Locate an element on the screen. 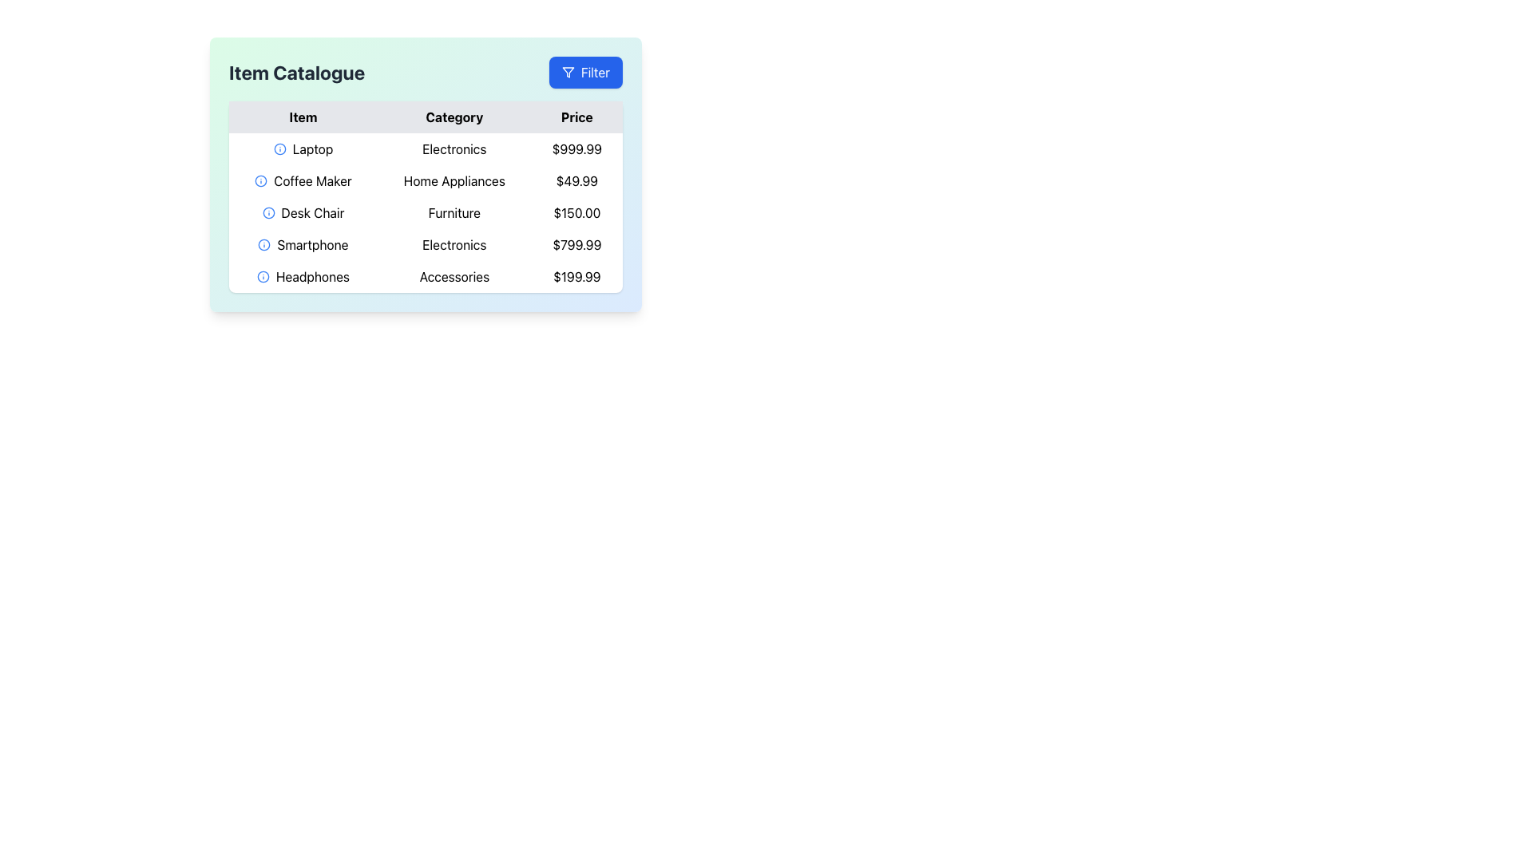 This screenshot has height=862, width=1533. the text label indicating the name of the item 'Desk Chair' in the catalogue, located in the second column under the 'Item' header is located at coordinates (303, 212).